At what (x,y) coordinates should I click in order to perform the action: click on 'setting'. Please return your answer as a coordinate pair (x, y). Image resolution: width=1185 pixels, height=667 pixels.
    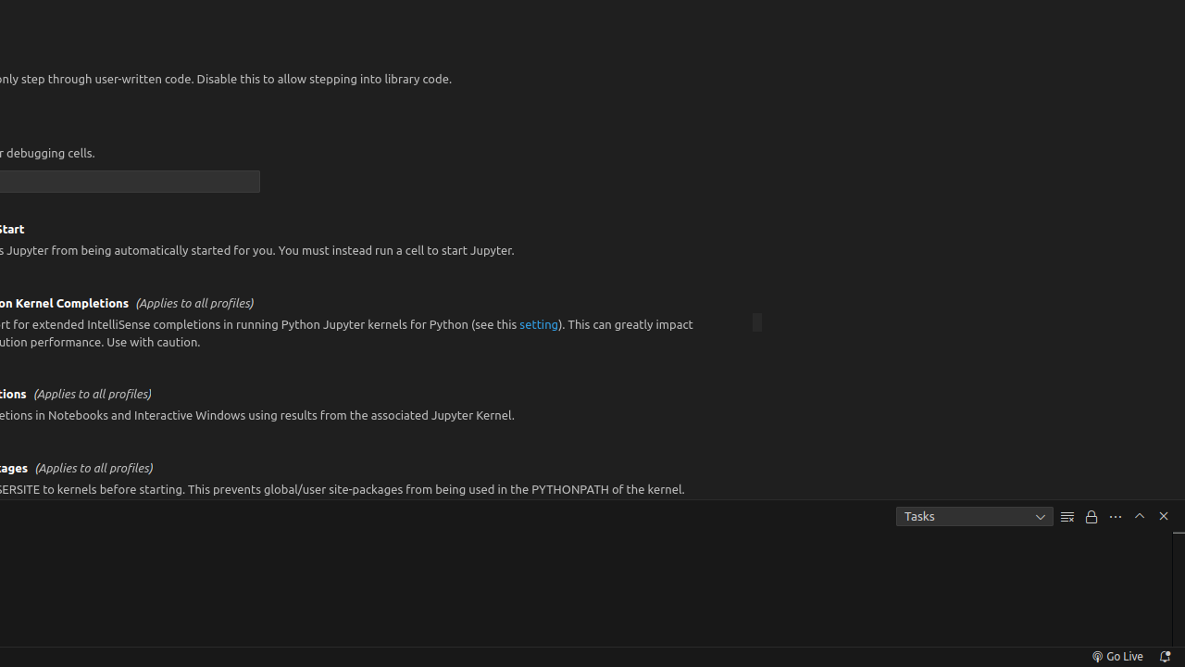
    Looking at the image, I should click on (538, 323).